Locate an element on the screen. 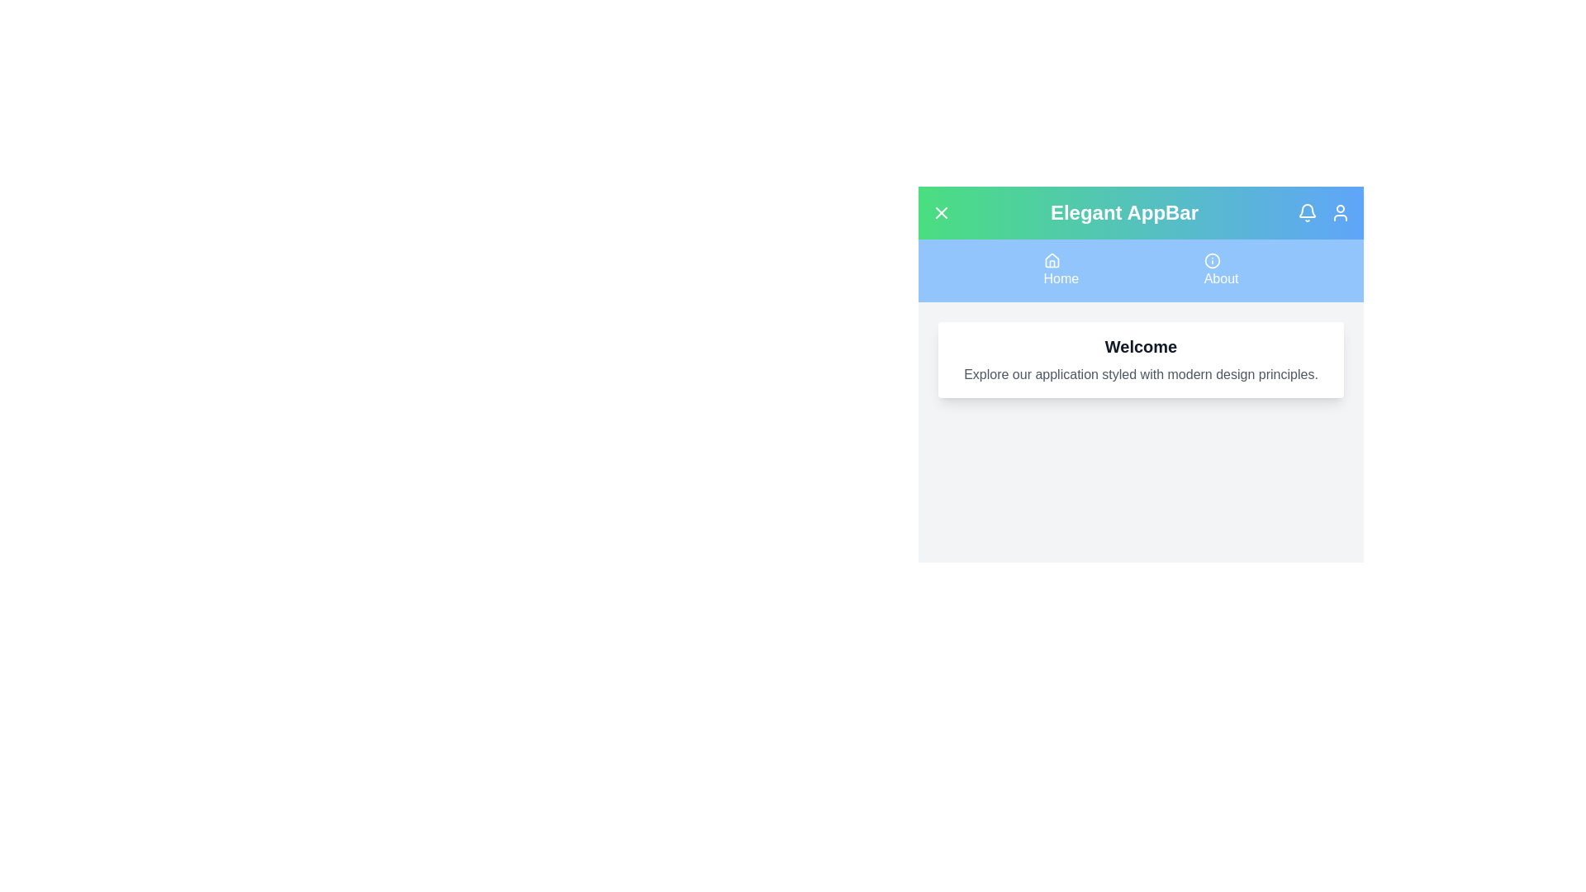  the menu toggle button to toggle the menu visibility is located at coordinates (942, 212).